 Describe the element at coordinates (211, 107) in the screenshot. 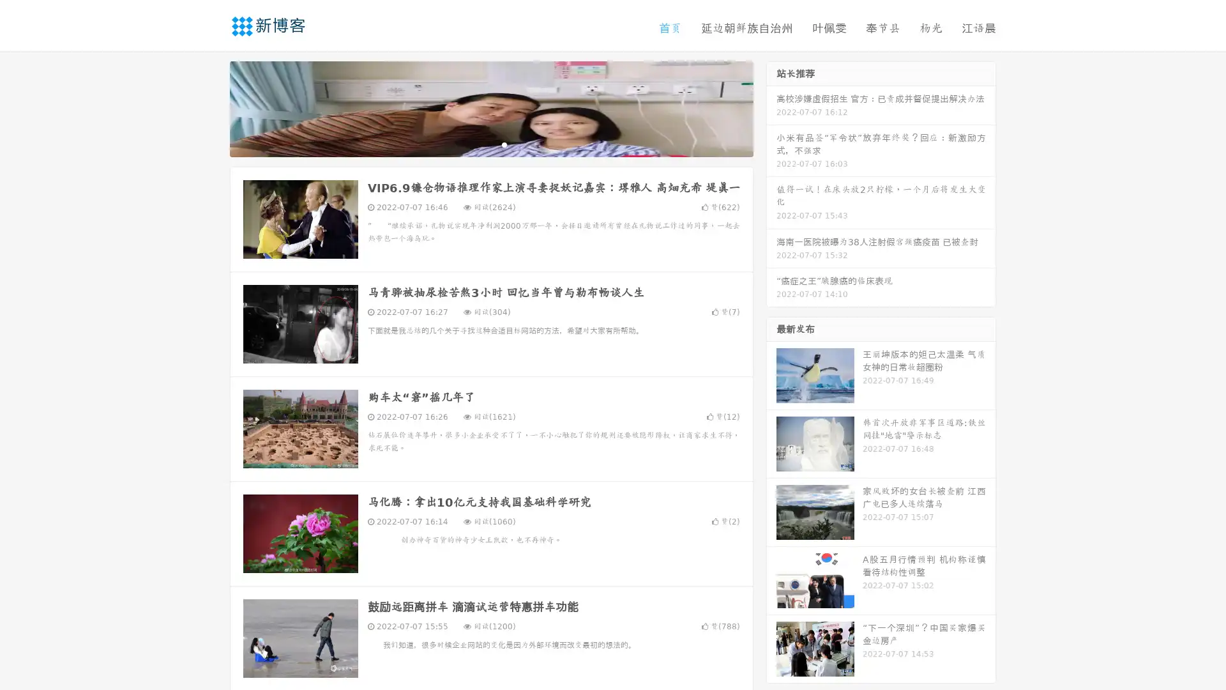

I see `Previous slide` at that location.